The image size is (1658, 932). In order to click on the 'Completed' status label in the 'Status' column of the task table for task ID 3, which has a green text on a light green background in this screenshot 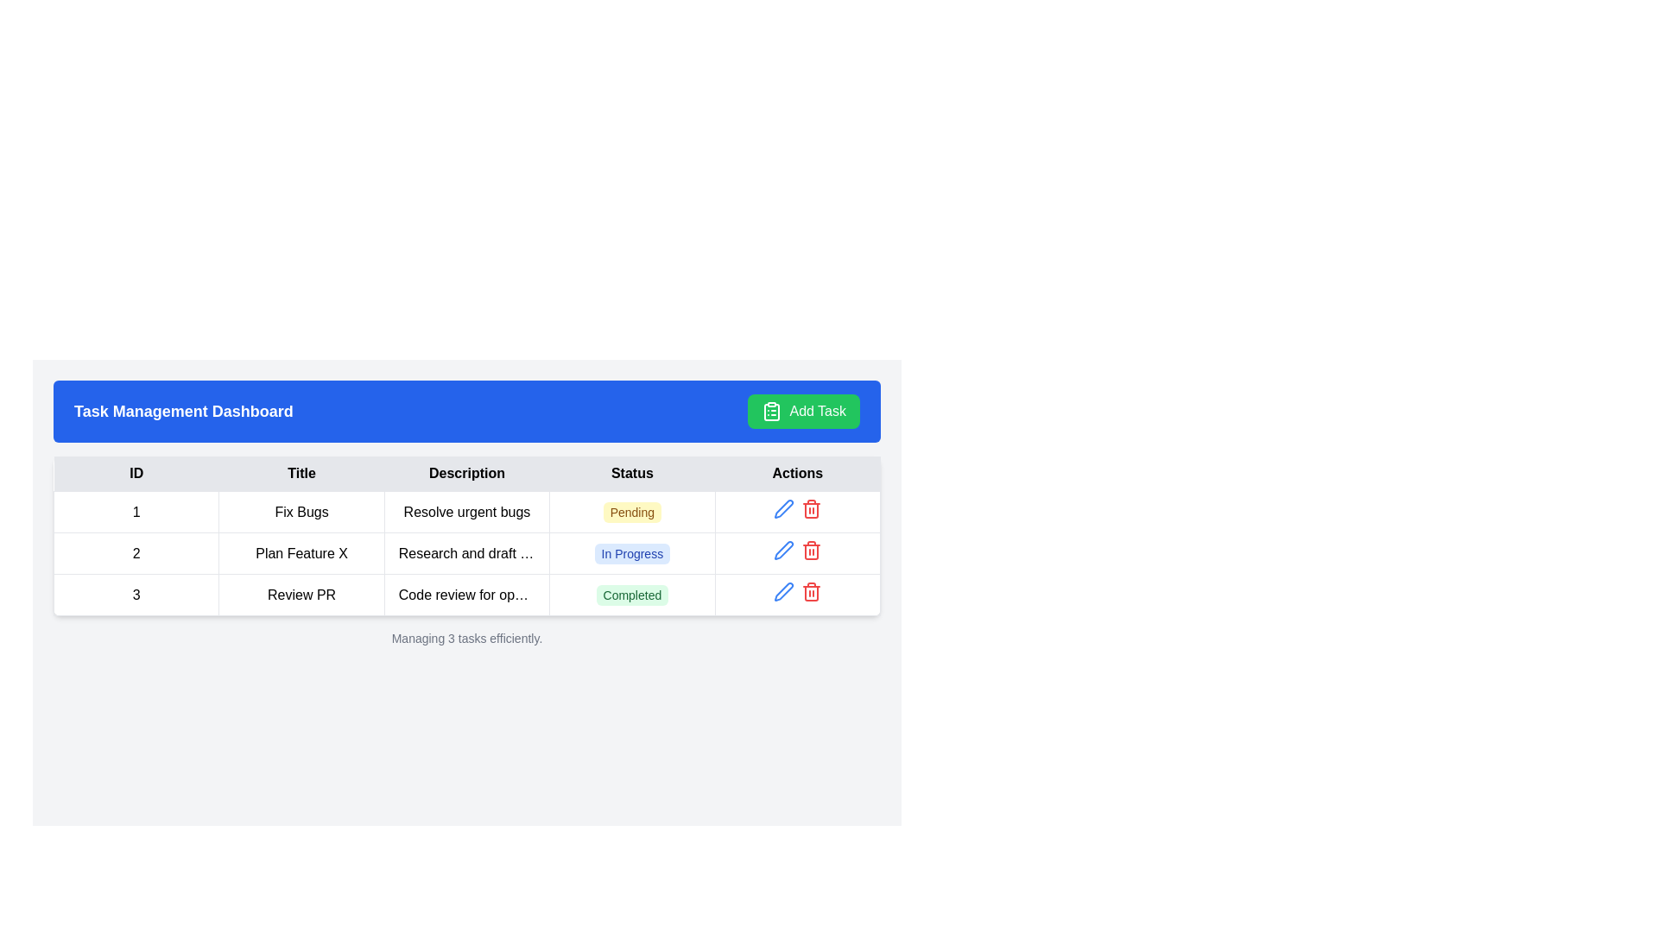, I will do `click(631, 594)`.